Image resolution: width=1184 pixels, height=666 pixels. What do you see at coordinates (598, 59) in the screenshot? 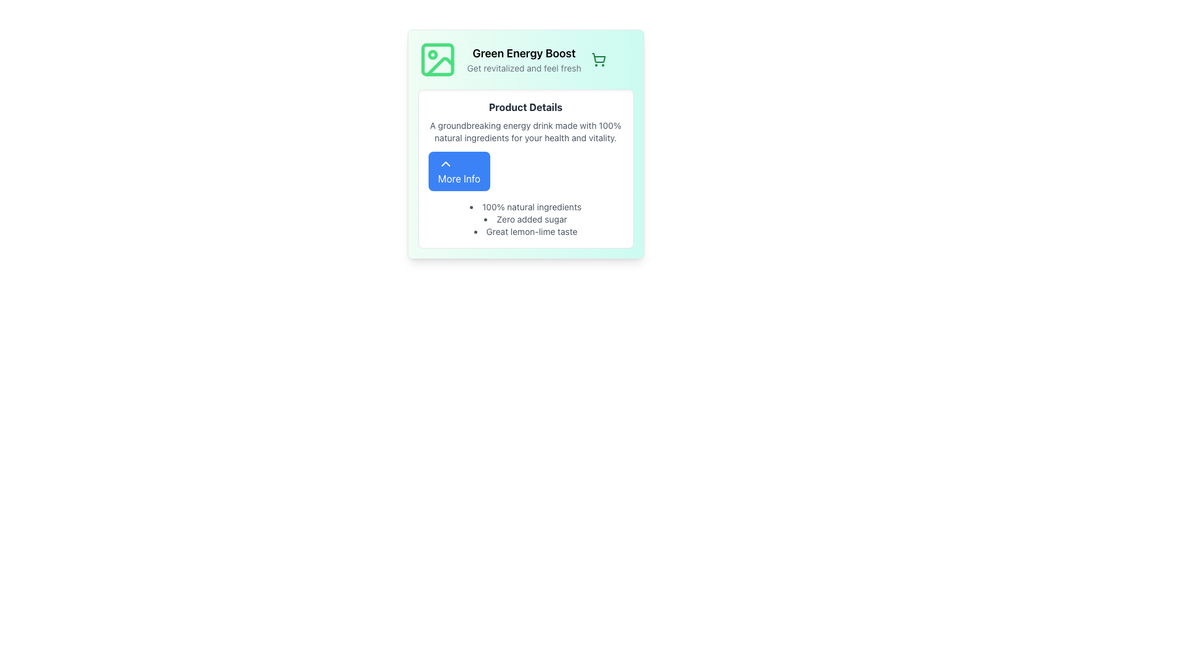
I see `the green shopping cart icon located on the right side of the top section, adjacent to the title 'Green Energy Boost'` at bounding box center [598, 59].